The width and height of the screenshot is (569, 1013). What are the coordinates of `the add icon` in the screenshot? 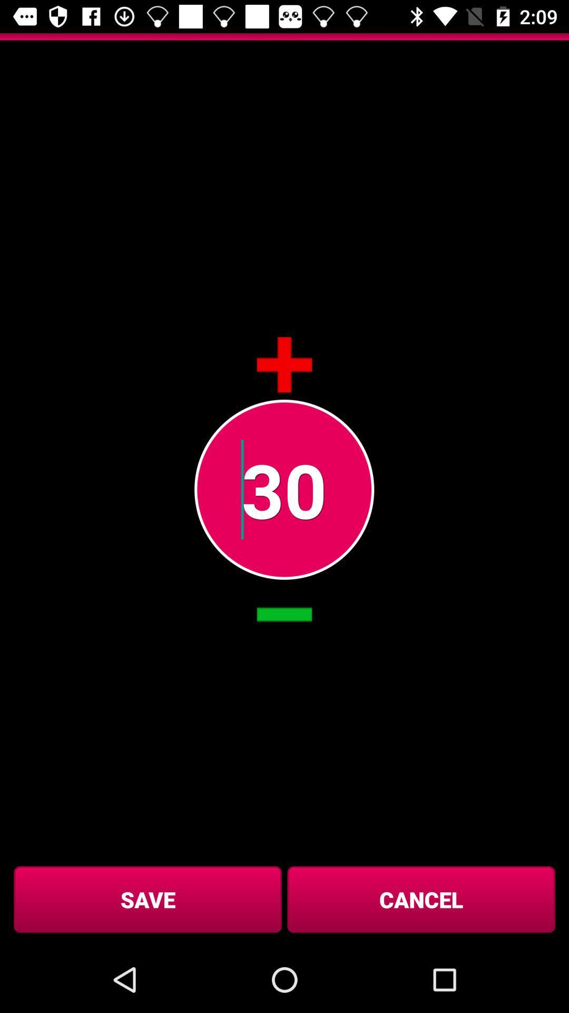 It's located at (284, 365).